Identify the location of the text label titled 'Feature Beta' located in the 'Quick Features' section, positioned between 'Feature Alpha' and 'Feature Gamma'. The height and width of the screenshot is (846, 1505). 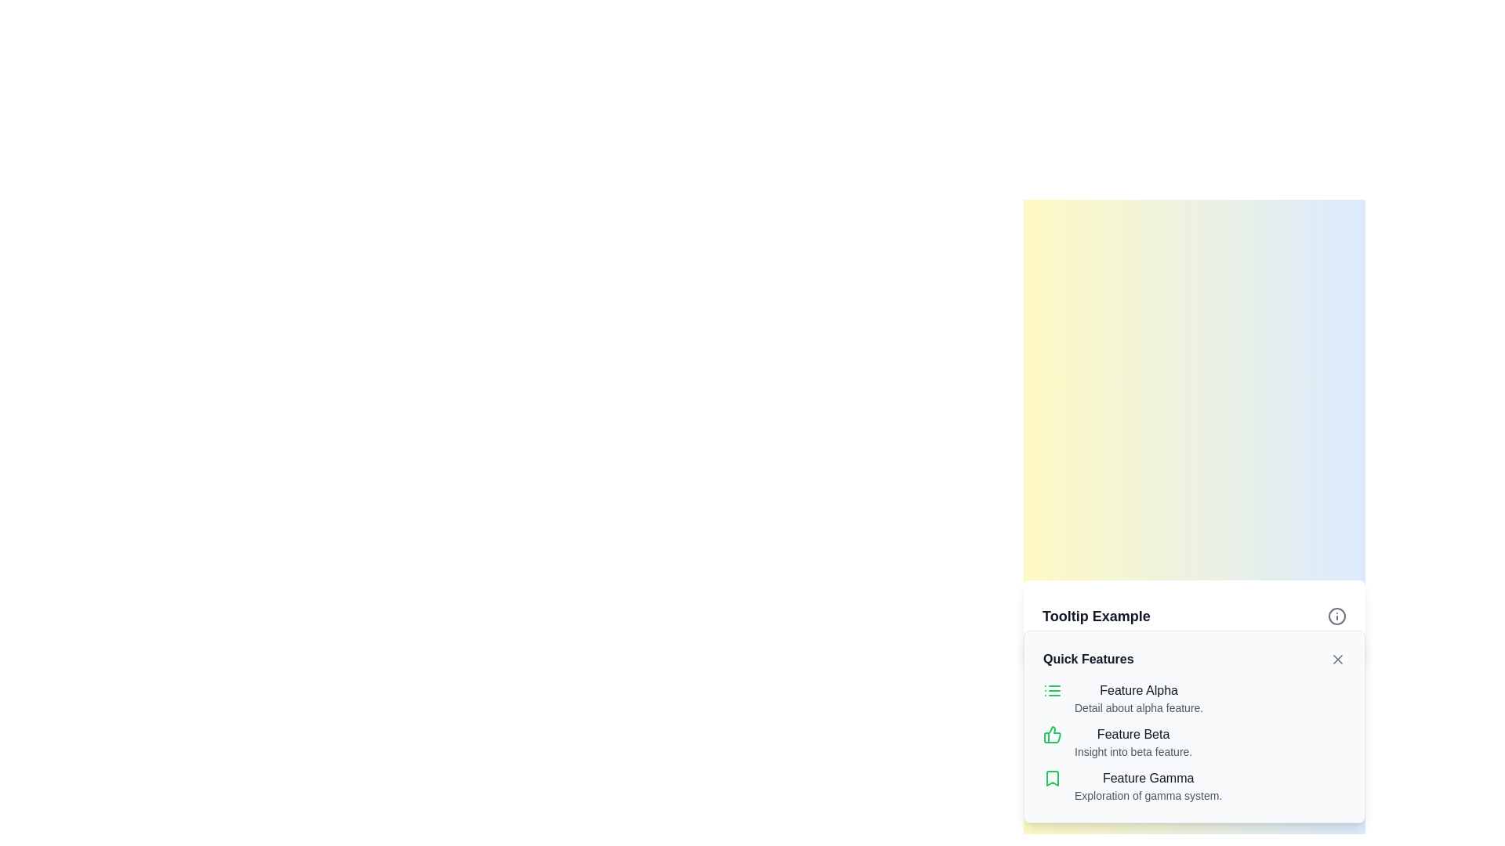
(1133, 734).